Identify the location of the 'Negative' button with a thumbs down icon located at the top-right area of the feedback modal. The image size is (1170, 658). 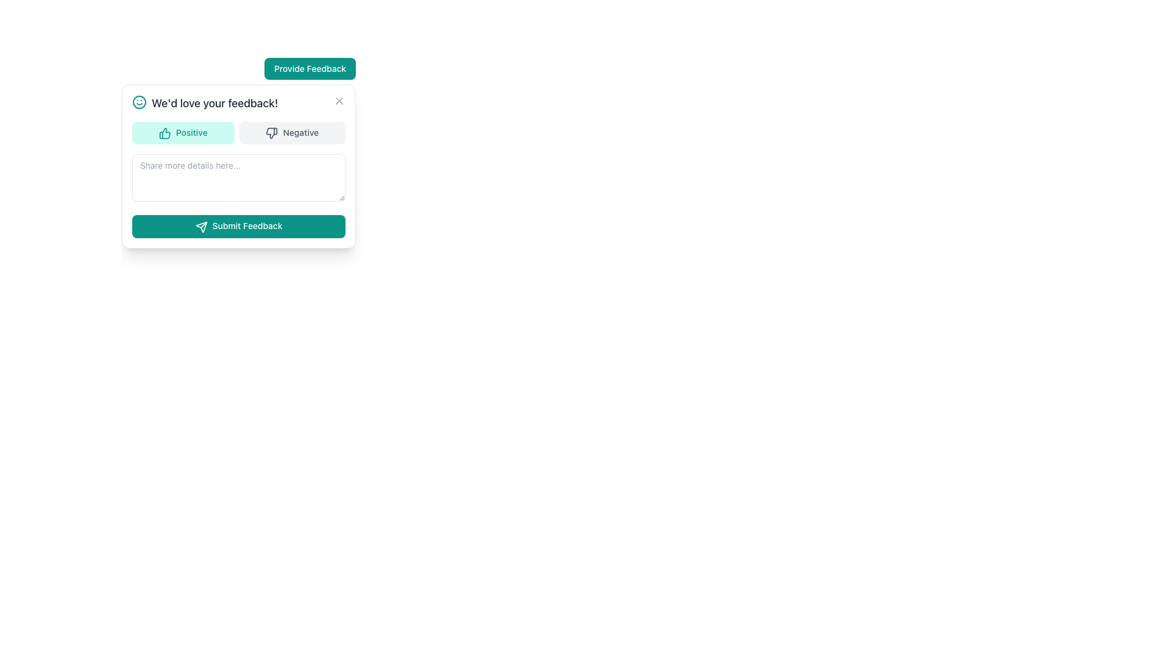
(291, 133).